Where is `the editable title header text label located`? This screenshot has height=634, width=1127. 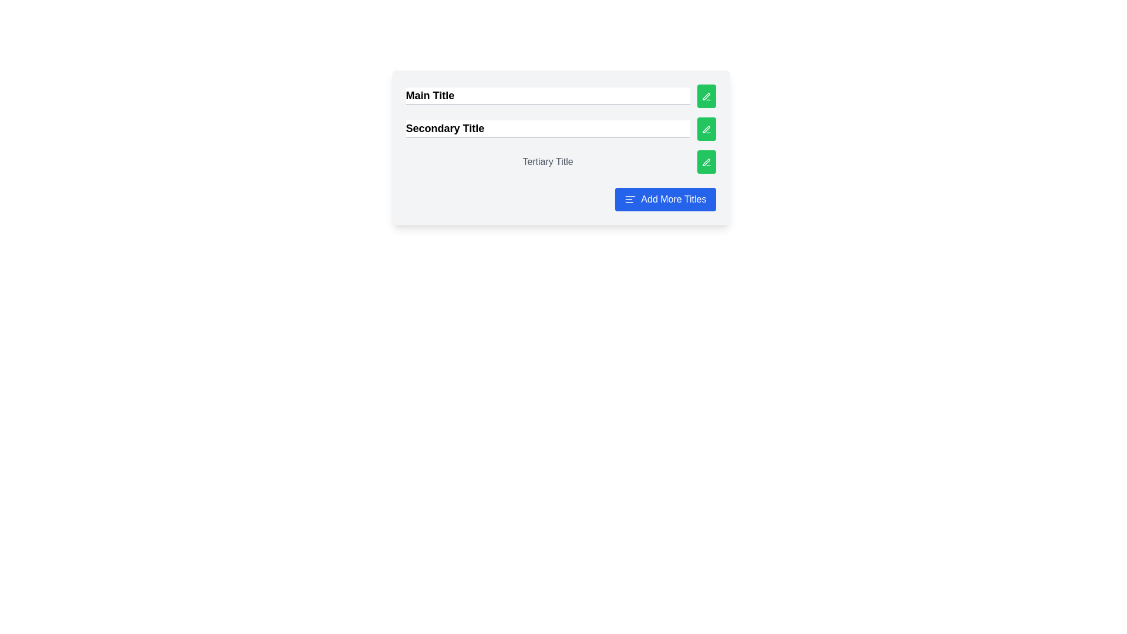 the editable title header text label located is located at coordinates (547, 162).